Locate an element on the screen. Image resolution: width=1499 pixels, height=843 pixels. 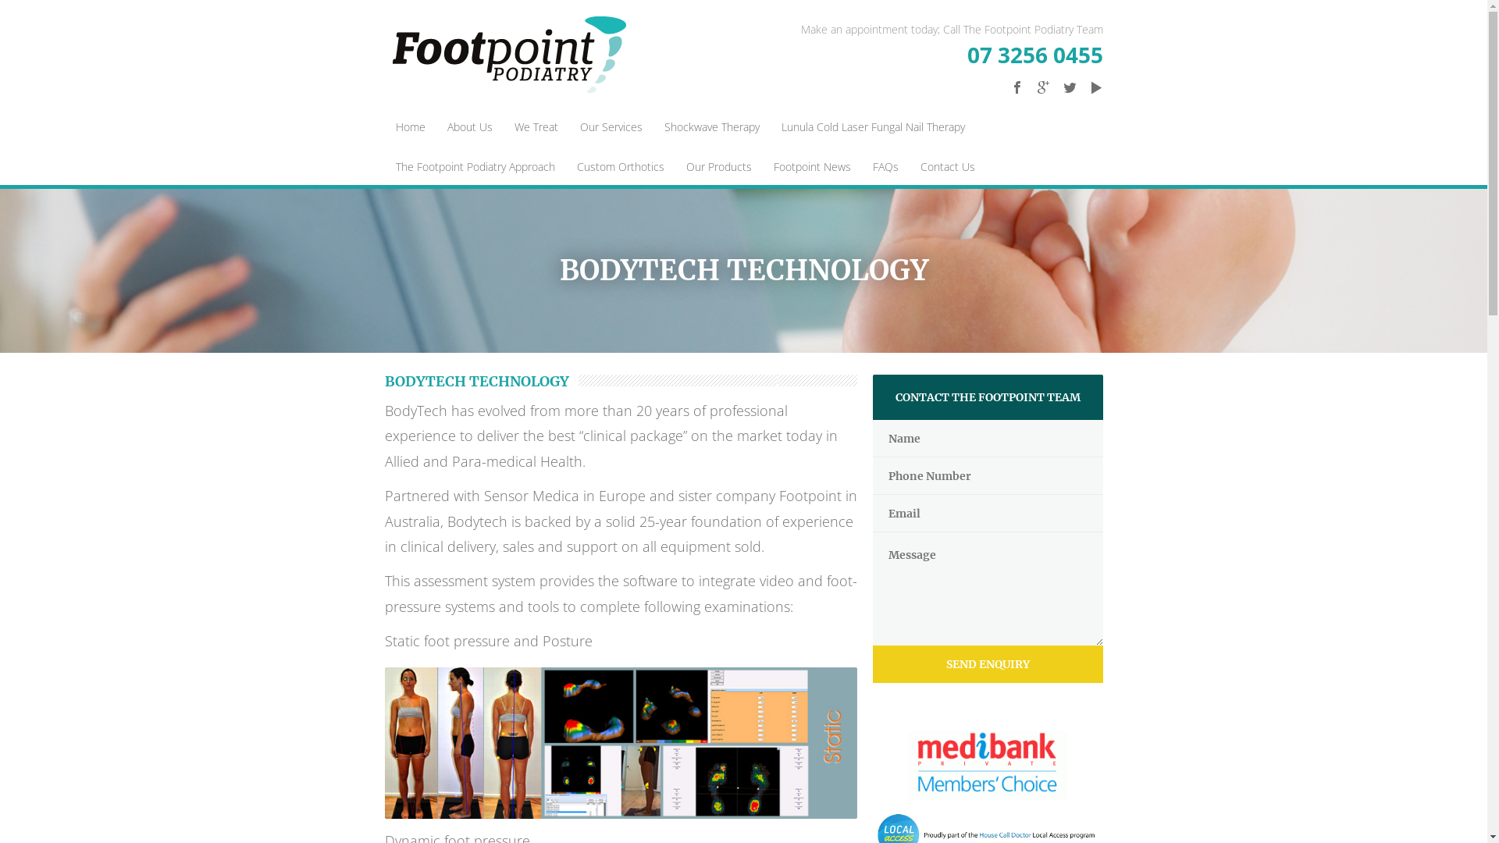
'Footpoint Podiatry' is located at coordinates (509, 53).